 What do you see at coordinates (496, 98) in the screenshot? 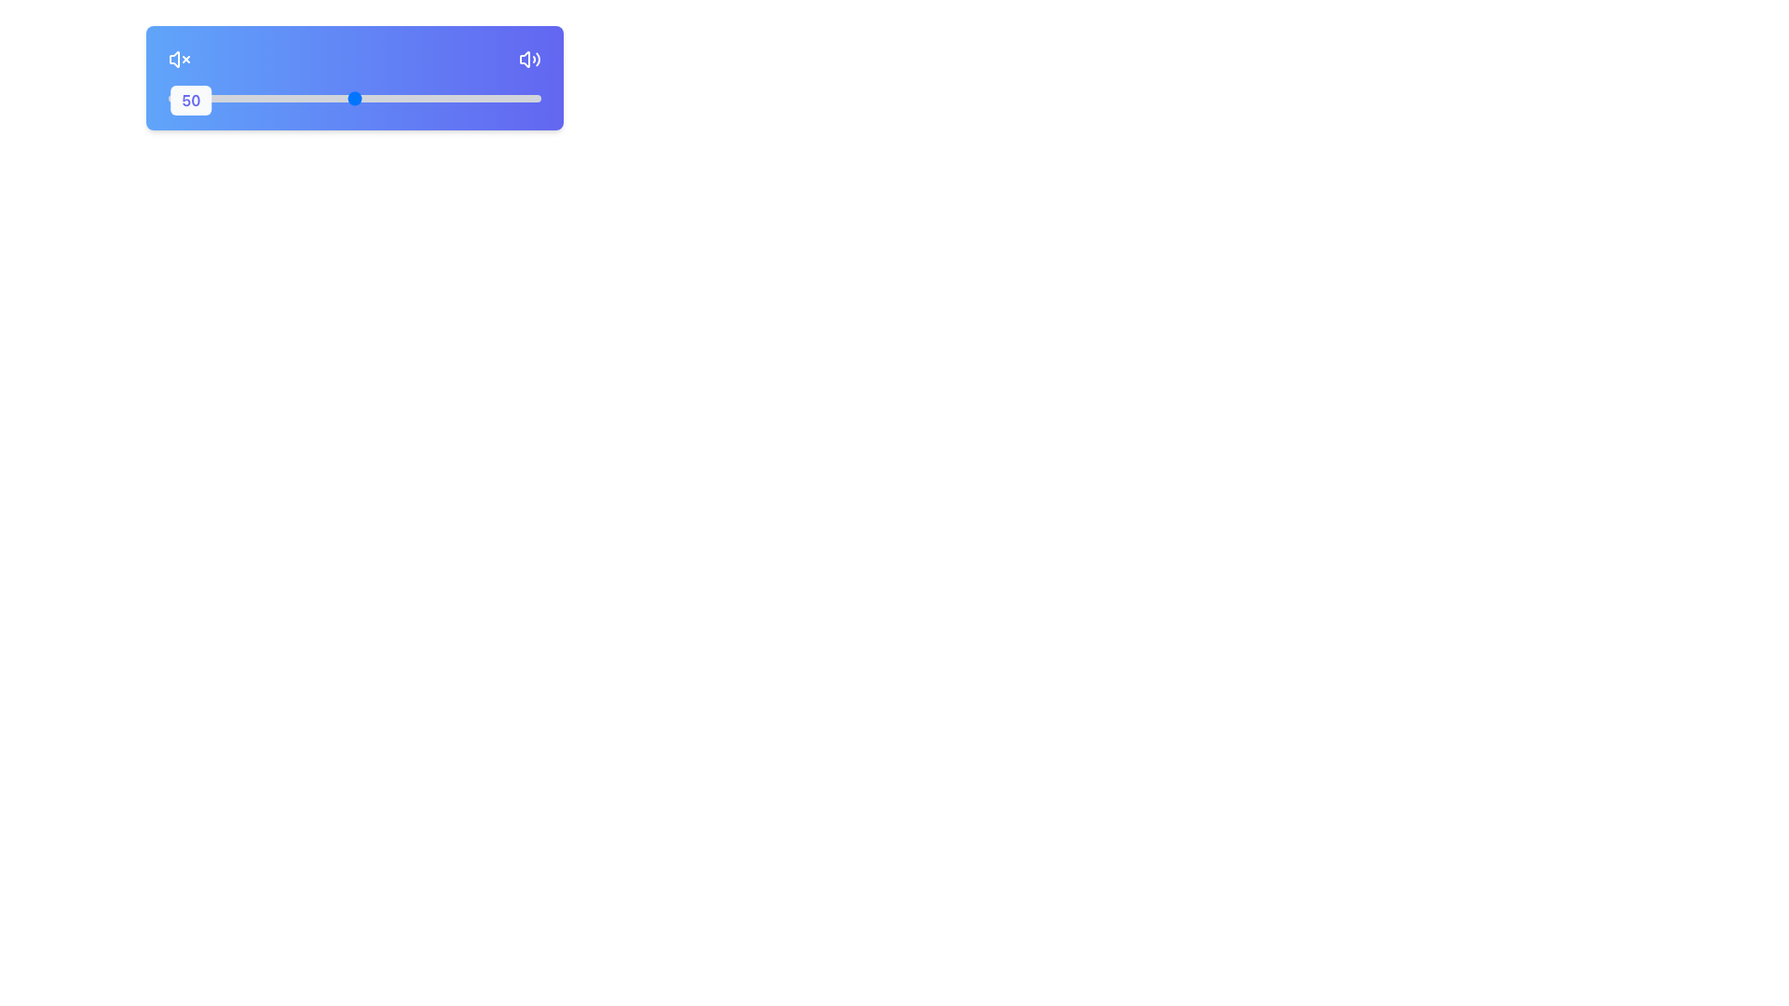
I see `the slider` at bounding box center [496, 98].